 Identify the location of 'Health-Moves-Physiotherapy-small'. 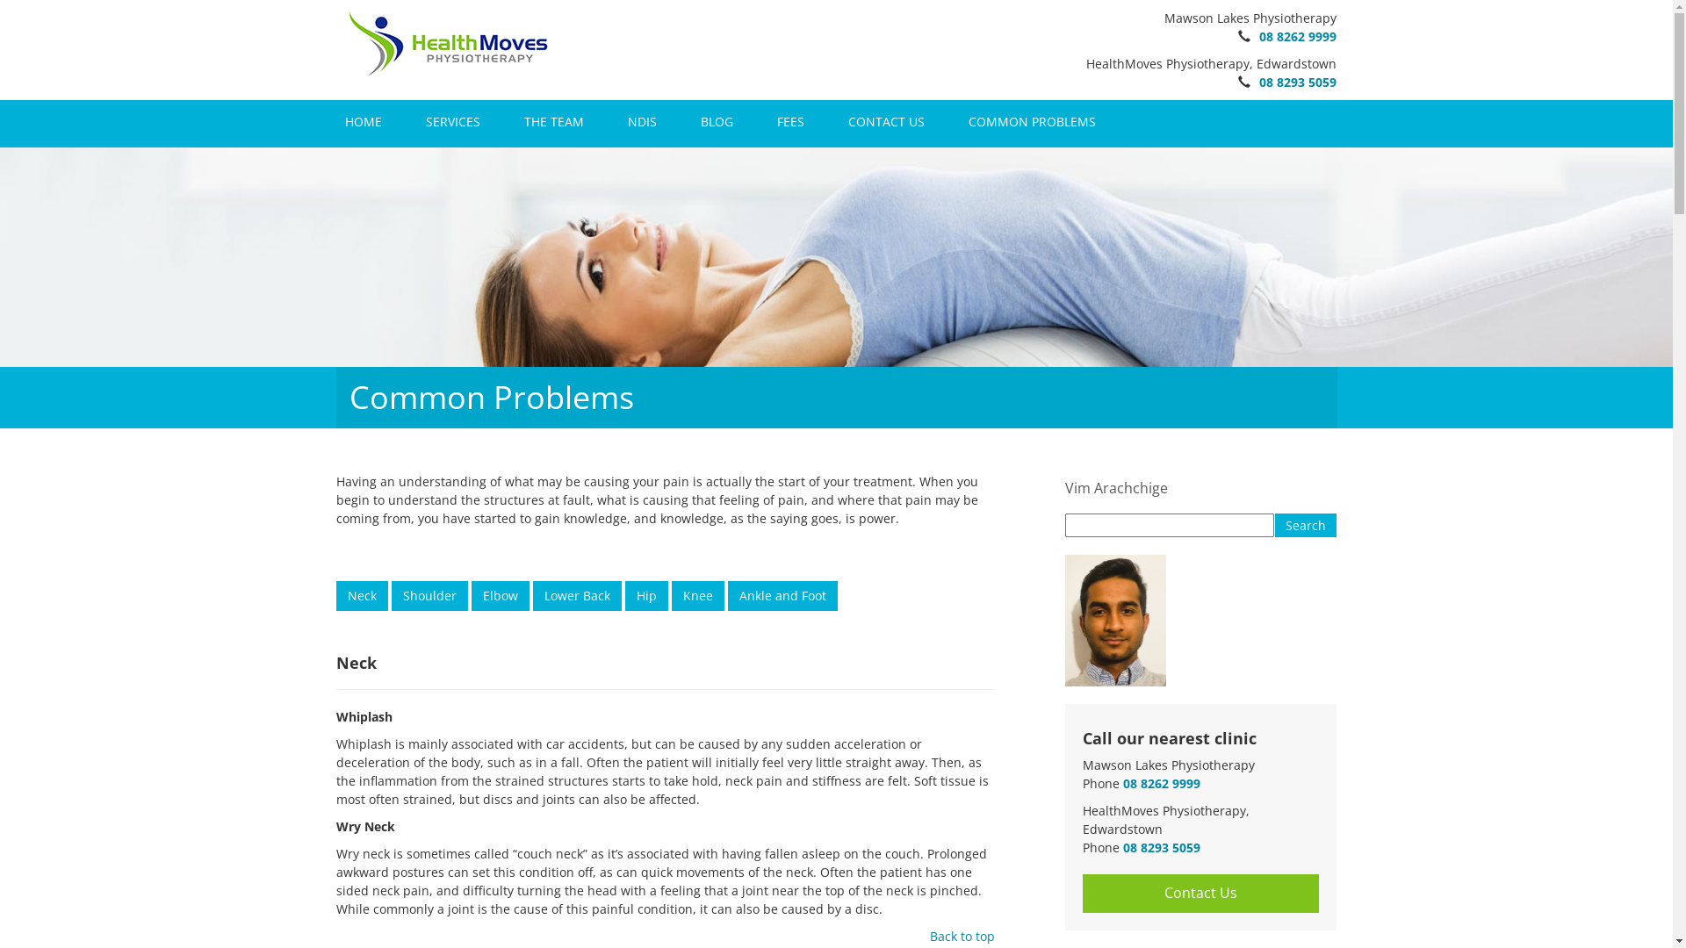
(447, 43).